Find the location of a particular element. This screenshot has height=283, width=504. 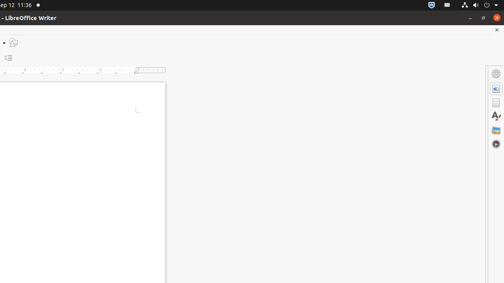

'Gallery' is located at coordinates (496, 129).